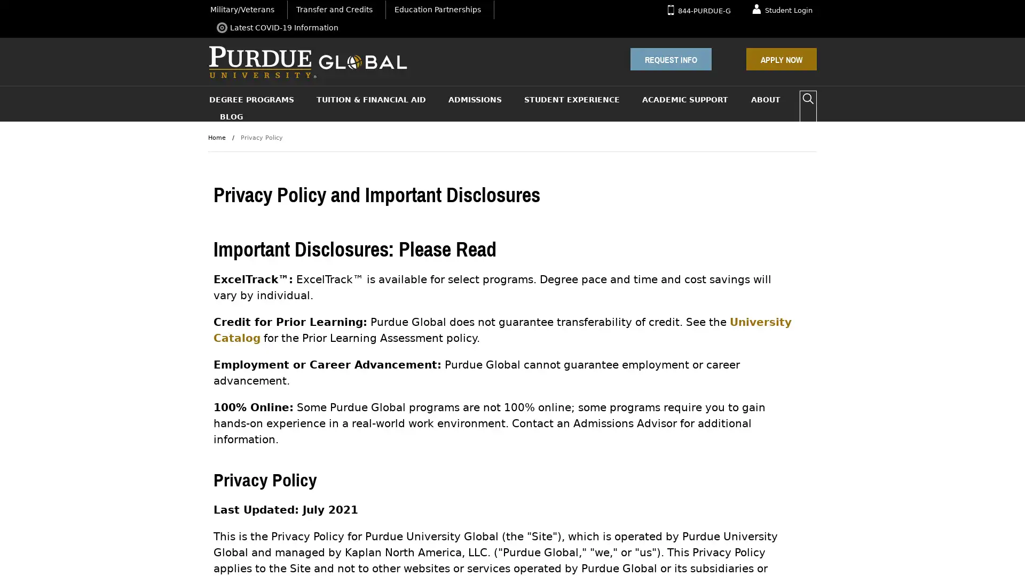  Describe the element at coordinates (808, 99) in the screenshot. I see `Search` at that location.